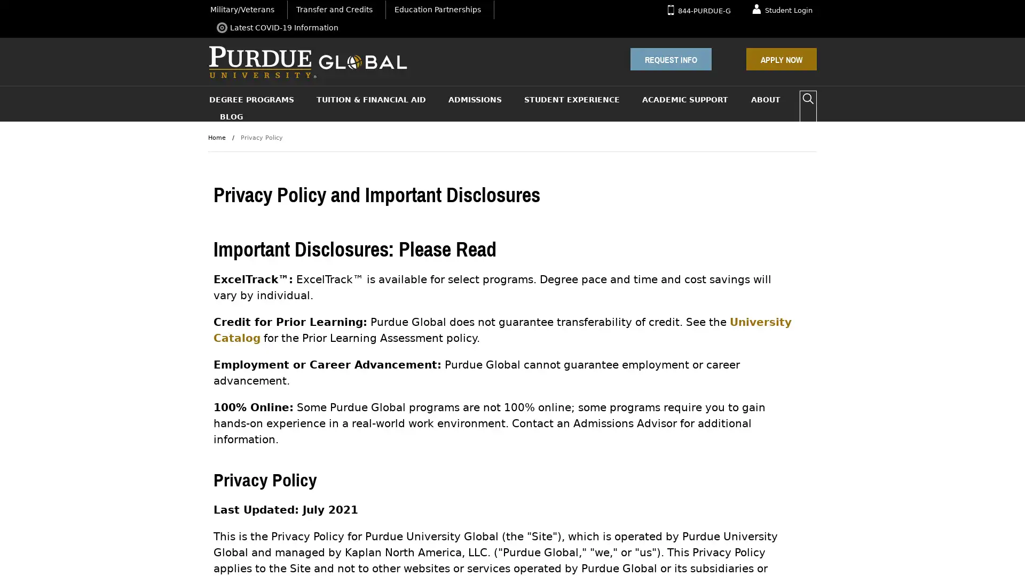  Describe the element at coordinates (808, 99) in the screenshot. I see `Search` at that location.